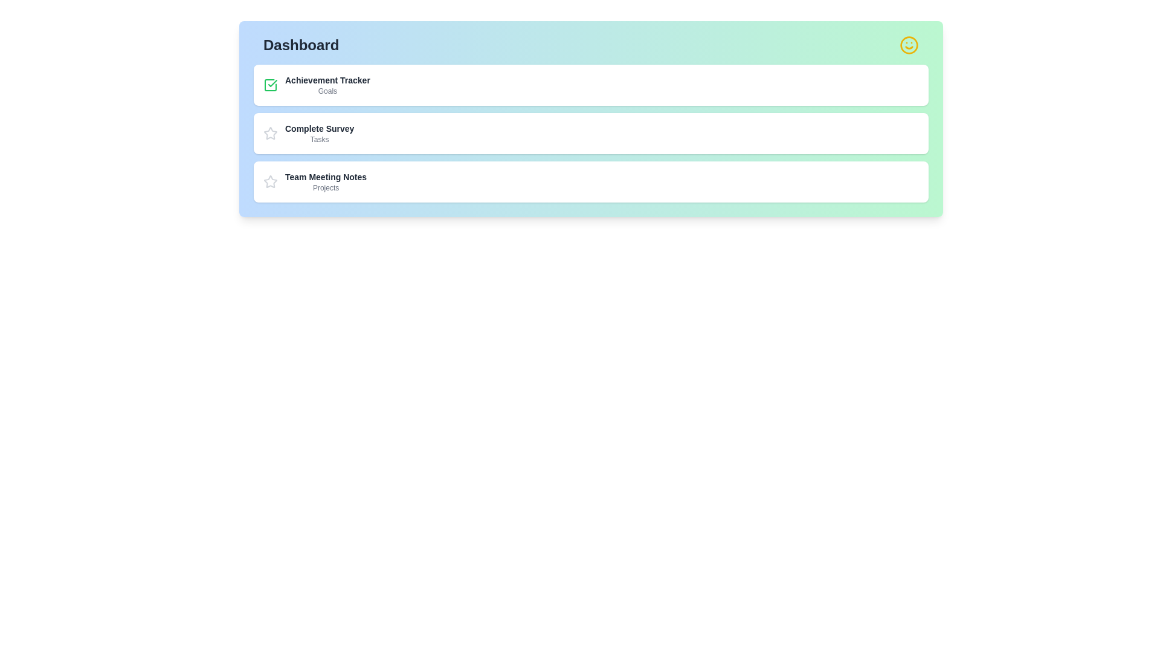  I want to click on the smiley face icon in the top-right corner, so click(909, 44).